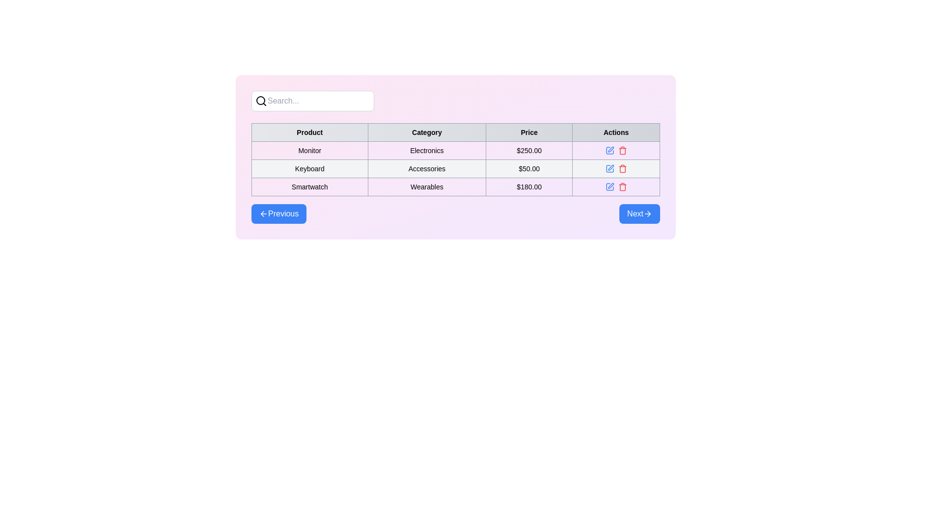  Describe the element at coordinates (615, 151) in the screenshot. I see `the red delete button in the horizontally aligned group of icons located in the 'Actions' column of the first row of the table` at that location.